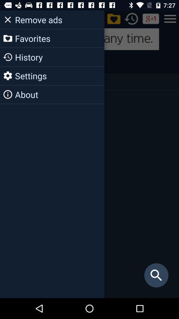  Describe the element at coordinates (131, 18) in the screenshot. I see `the history icon` at that location.